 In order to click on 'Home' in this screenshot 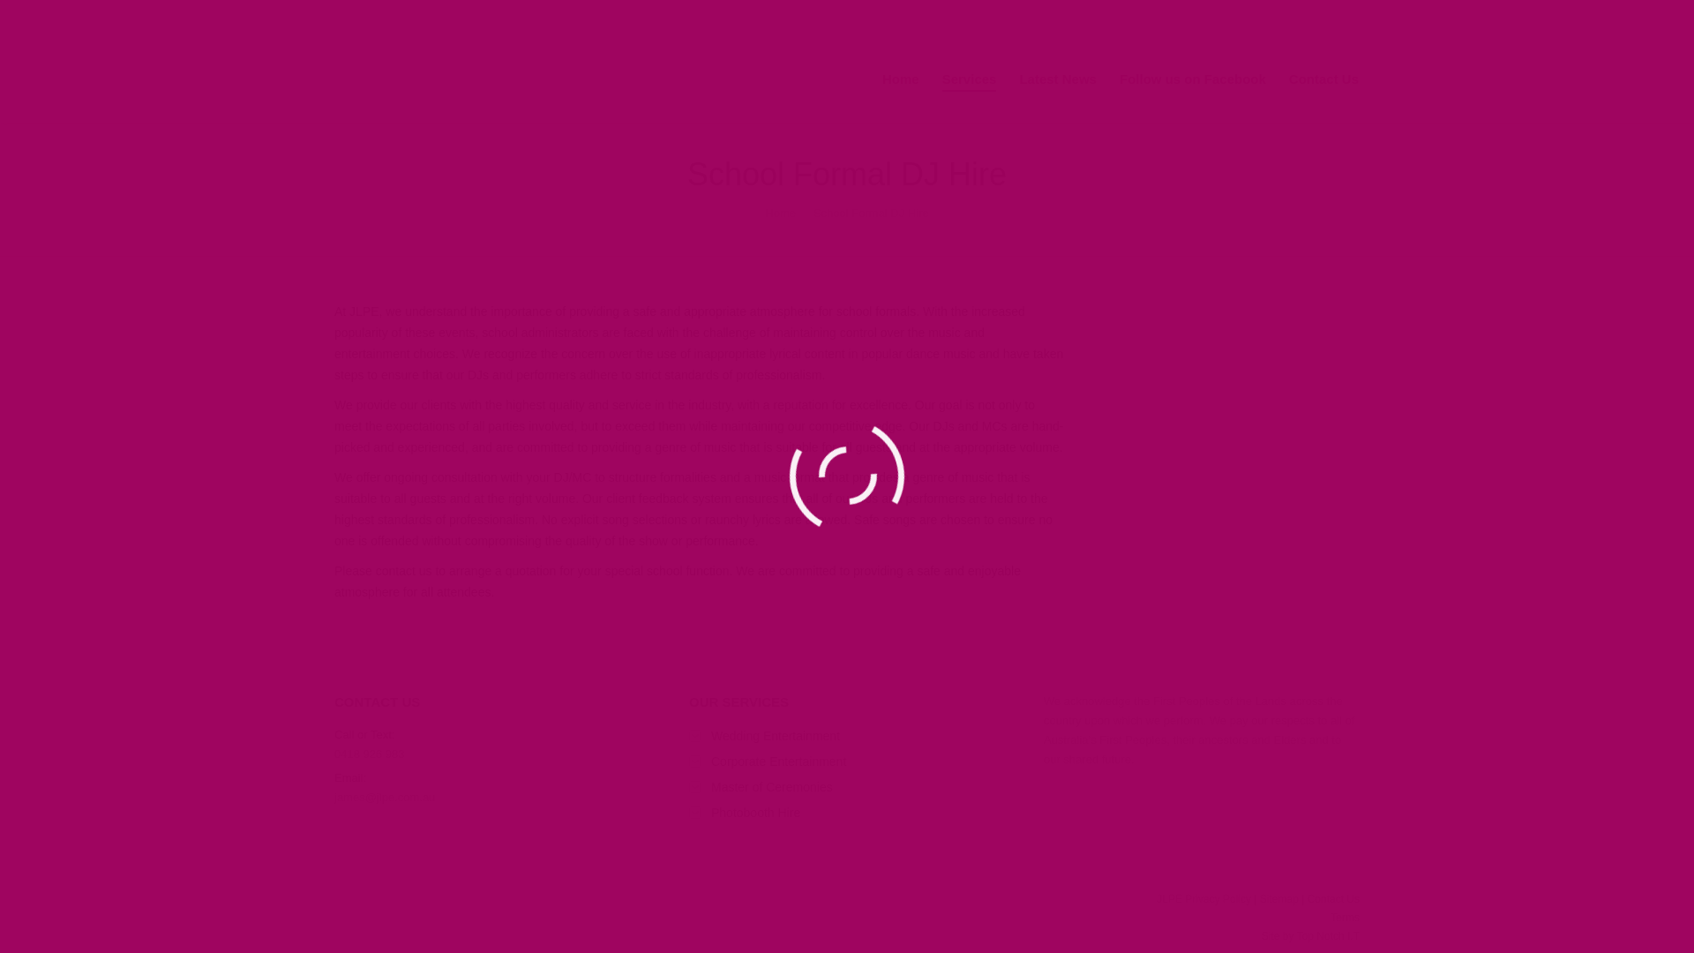, I will do `click(901, 79)`.